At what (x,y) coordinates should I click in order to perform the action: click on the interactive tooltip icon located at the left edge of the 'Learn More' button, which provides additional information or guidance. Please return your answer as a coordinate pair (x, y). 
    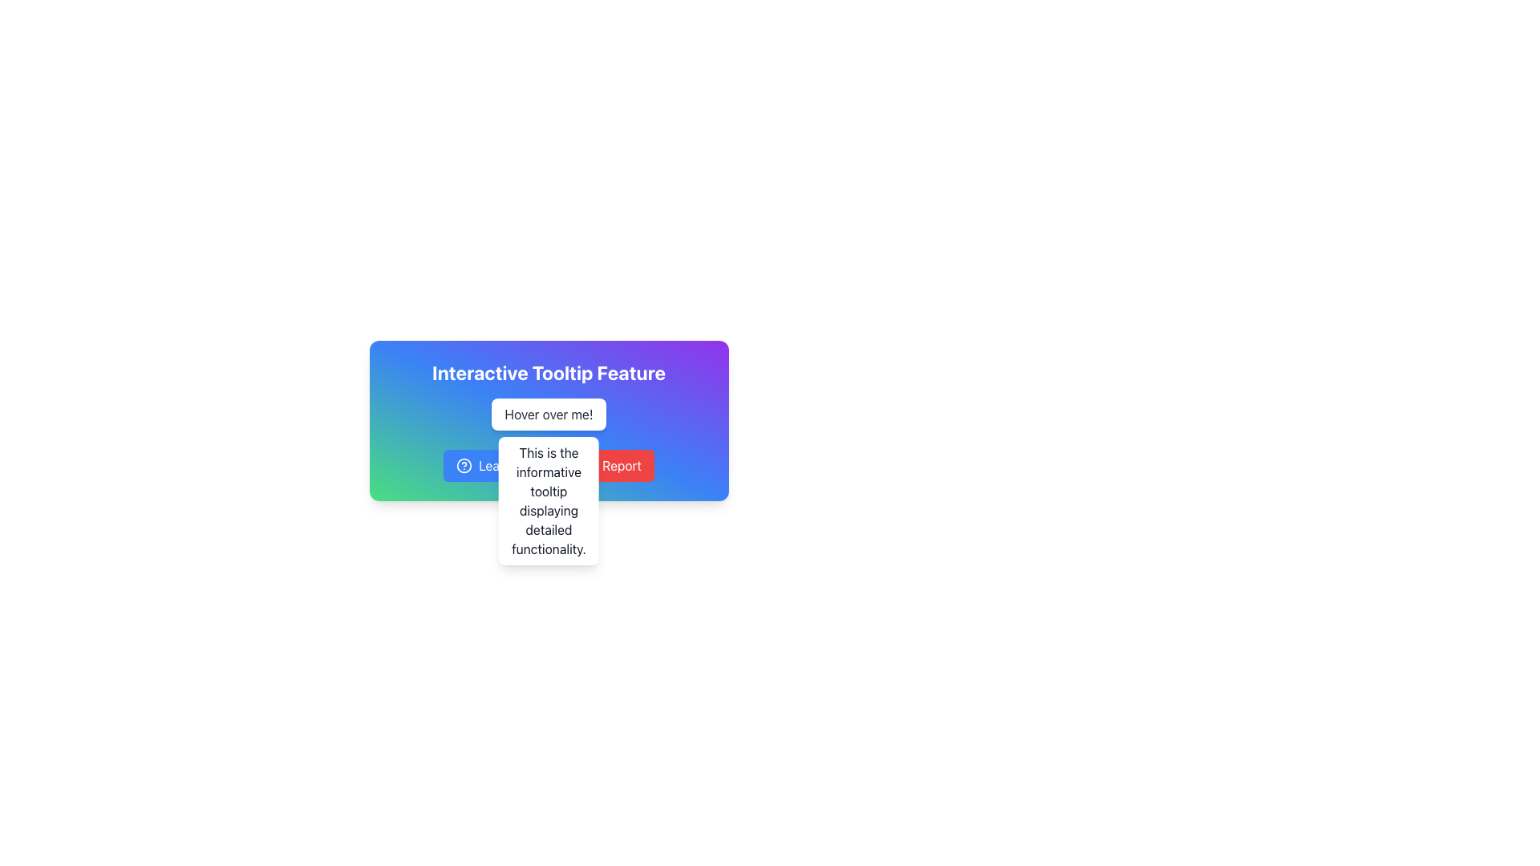
    Looking at the image, I should click on (464, 466).